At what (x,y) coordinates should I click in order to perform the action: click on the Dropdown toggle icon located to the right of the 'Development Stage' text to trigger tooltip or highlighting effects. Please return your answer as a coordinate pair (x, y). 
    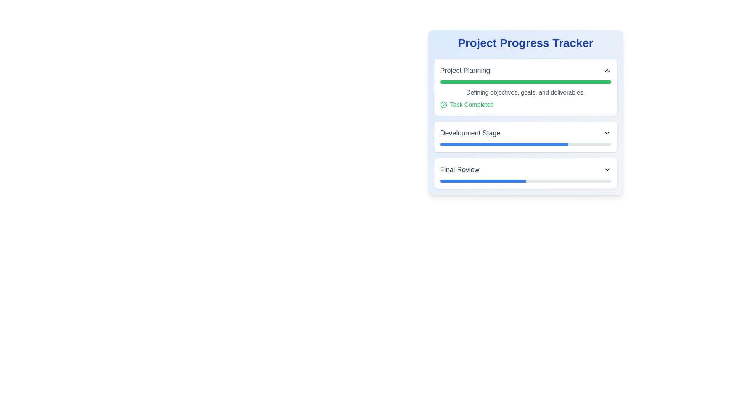
    Looking at the image, I should click on (607, 132).